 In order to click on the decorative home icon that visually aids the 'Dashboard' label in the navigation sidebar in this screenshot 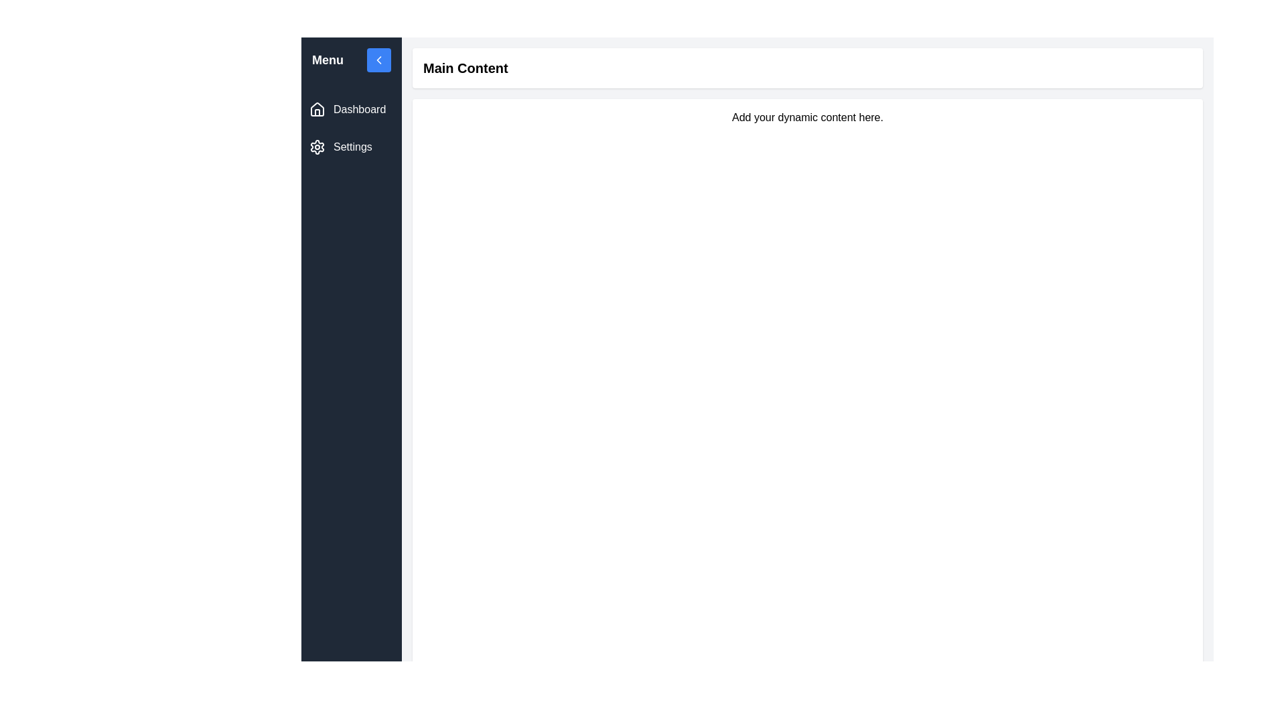, I will do `click(317, 108)`.